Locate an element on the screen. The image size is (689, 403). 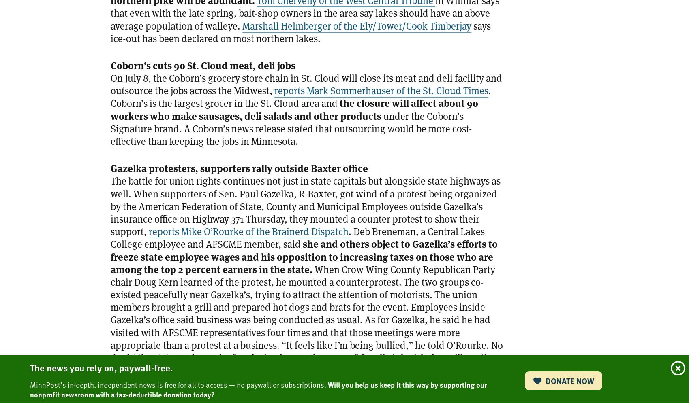
'under the Coborn’s Signature brand. A Coborn’s news release stated that outsourcing would be more cost-effective than keeping the jobs in Minnesota.' is located at coordinates (291, 128).